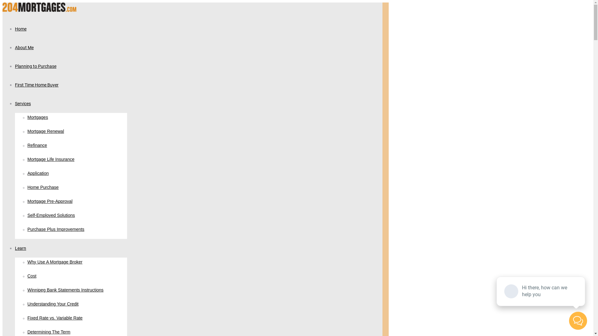 Image resolution: width=598 pixels, height=336 pixels. I want to click on 'Purchase Plus Improvements', so click(56, 229).